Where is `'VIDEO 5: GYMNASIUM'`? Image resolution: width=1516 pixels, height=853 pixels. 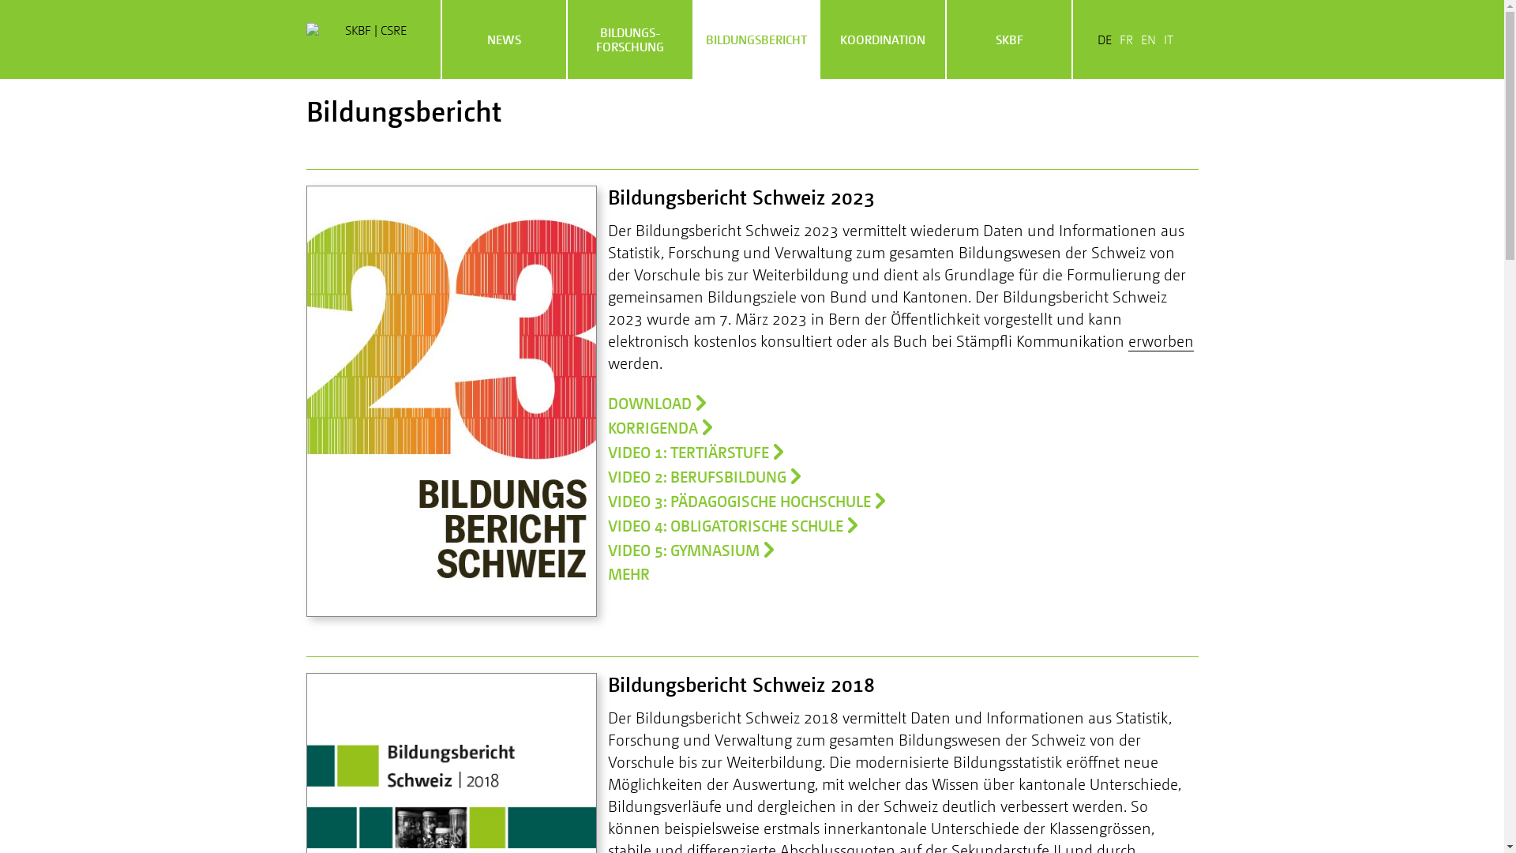 'VIDEO 5: GYMNASIUM' is located at coordinates (690, 548).